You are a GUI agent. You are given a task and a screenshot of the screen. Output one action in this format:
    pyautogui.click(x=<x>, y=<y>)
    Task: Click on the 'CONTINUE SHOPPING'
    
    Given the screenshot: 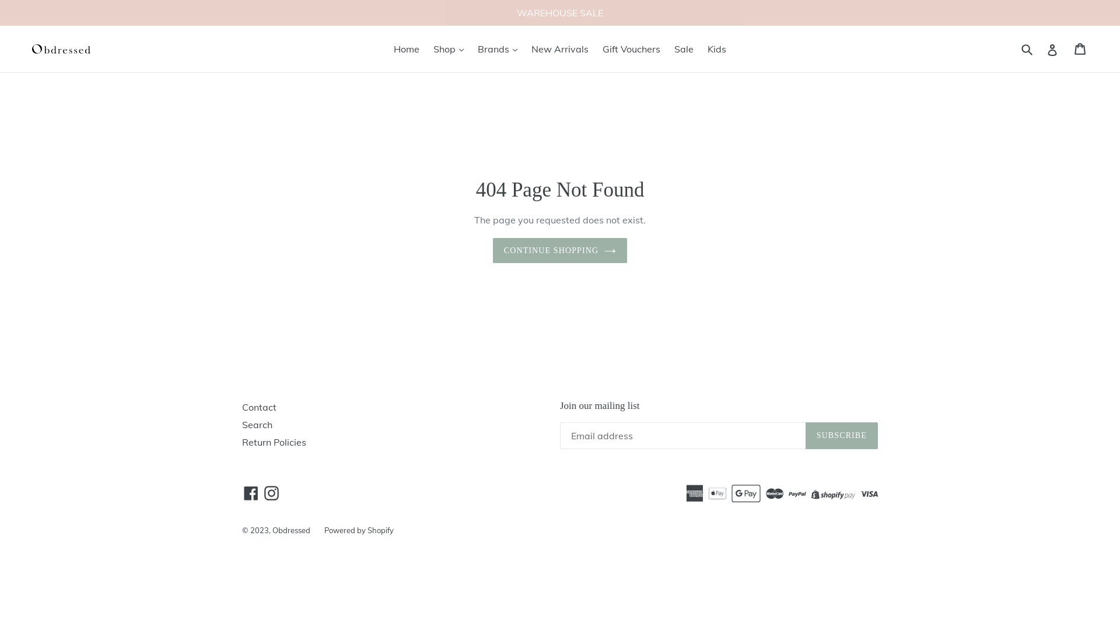 What is the action you would take?
    pyautogui.click(x=560, y=250)
    